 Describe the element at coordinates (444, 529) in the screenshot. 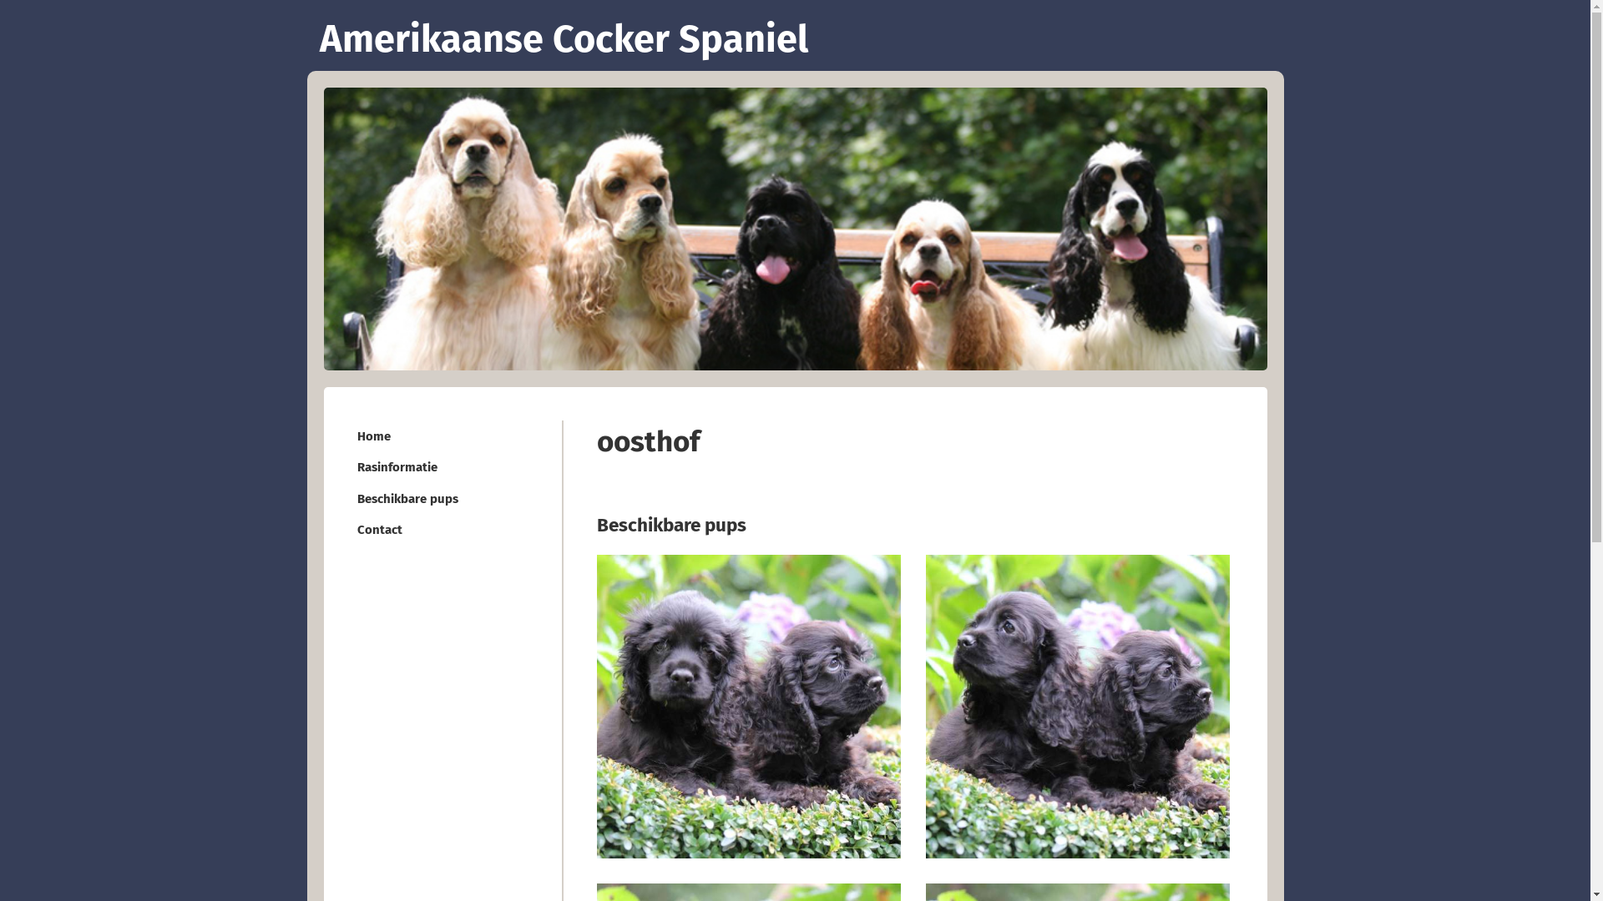

I see `'Contact'` at that location.